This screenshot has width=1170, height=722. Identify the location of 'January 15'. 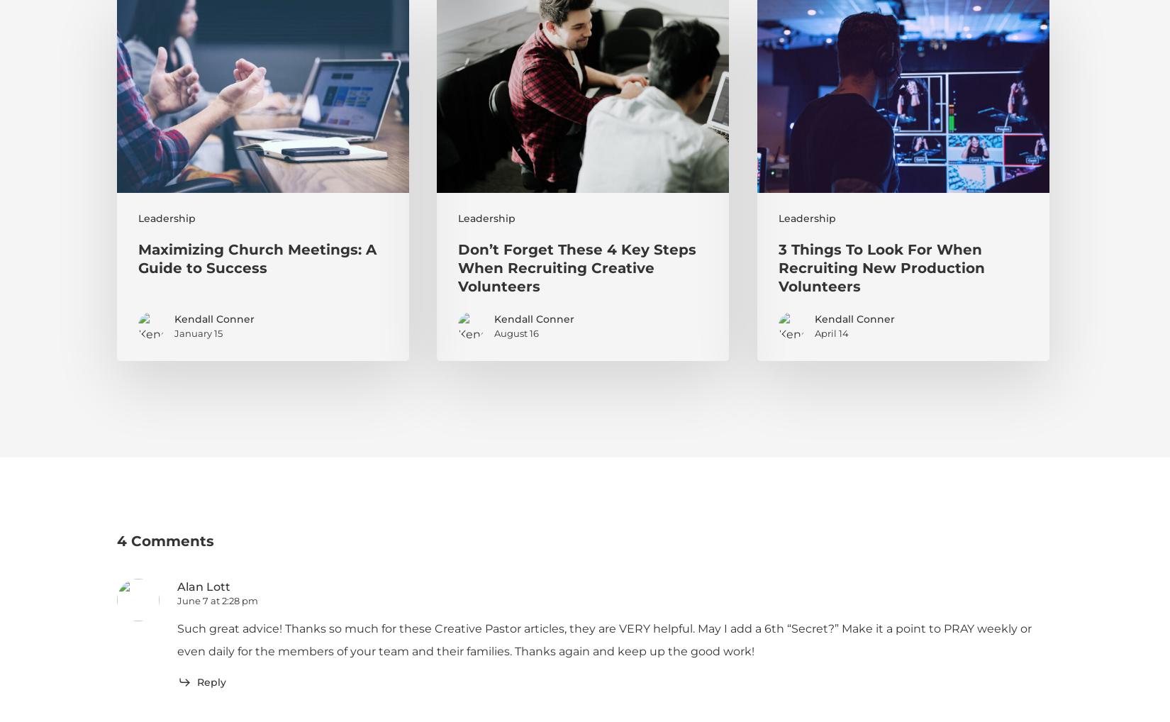
(199, 333).